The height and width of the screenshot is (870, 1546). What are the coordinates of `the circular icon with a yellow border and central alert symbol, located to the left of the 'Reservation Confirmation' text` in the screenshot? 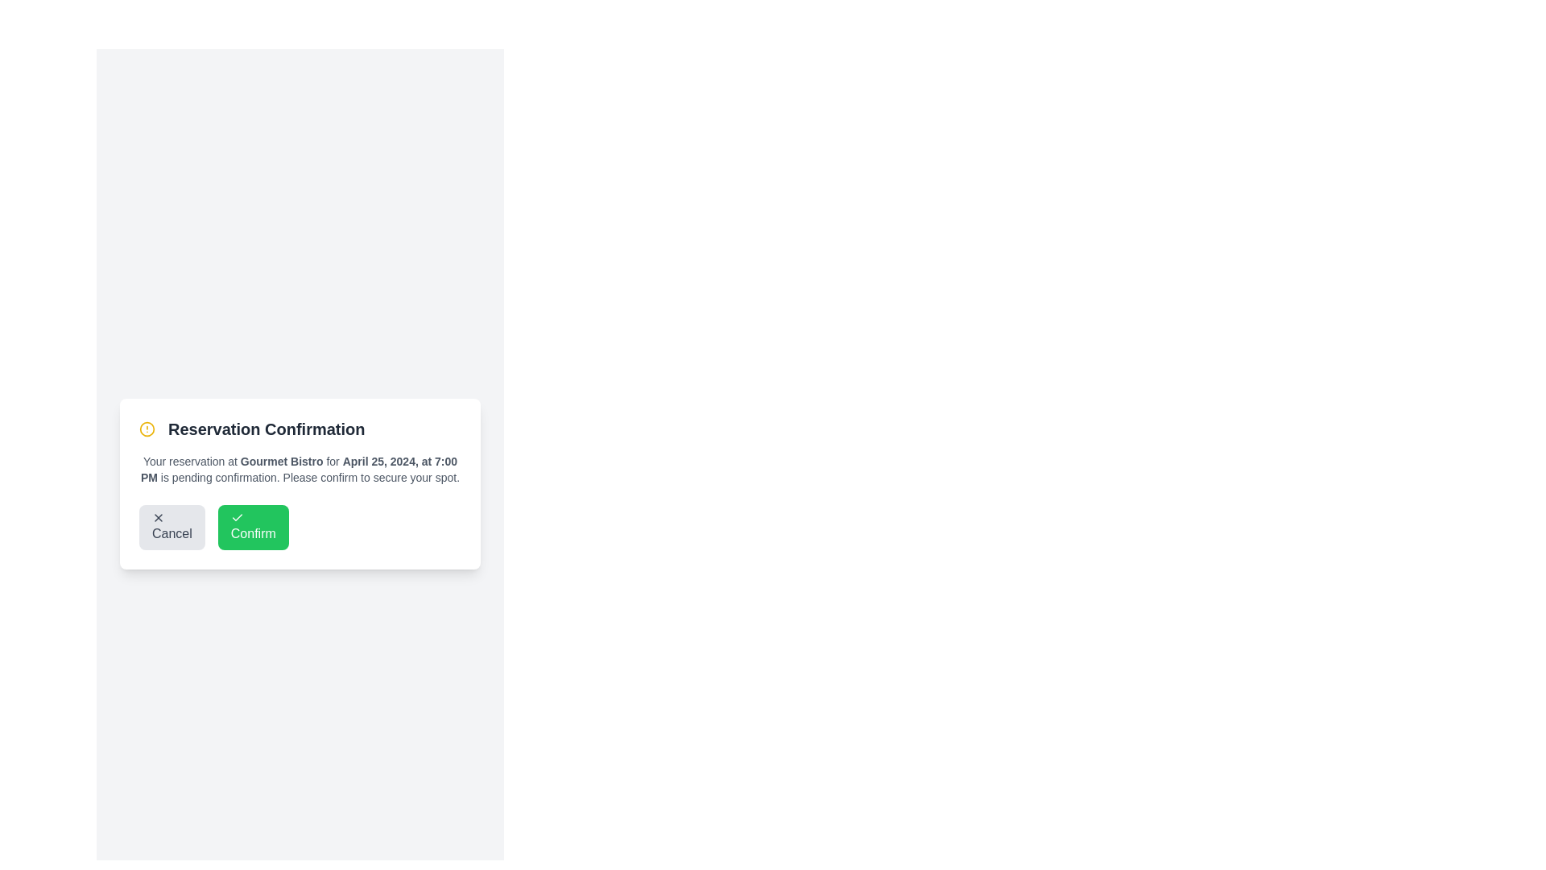 It's located at (147, 428).